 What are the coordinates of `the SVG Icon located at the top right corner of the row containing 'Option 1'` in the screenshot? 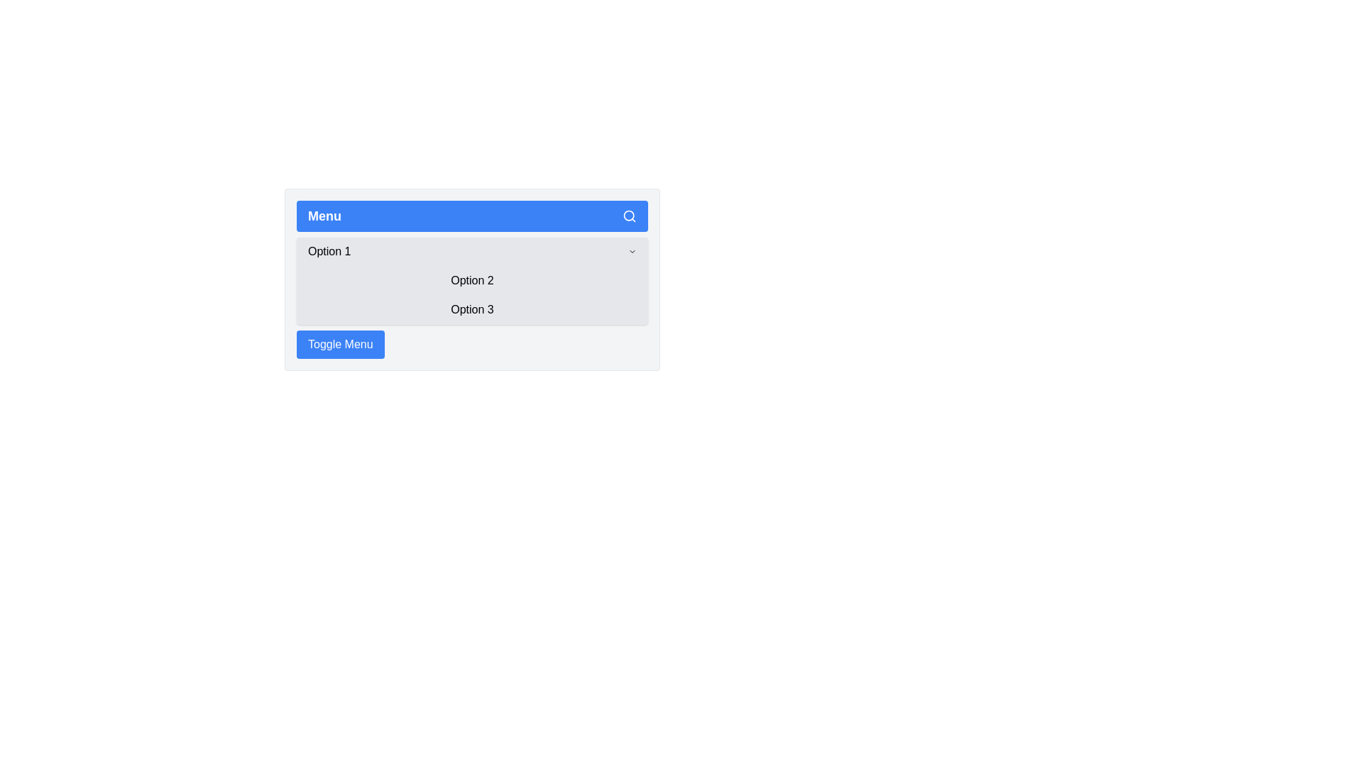 It's located at (632, 250).